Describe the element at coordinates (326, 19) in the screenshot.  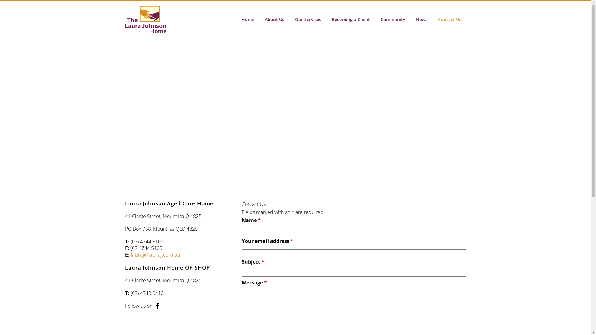
I see `'Becoming a Client'` at that location.